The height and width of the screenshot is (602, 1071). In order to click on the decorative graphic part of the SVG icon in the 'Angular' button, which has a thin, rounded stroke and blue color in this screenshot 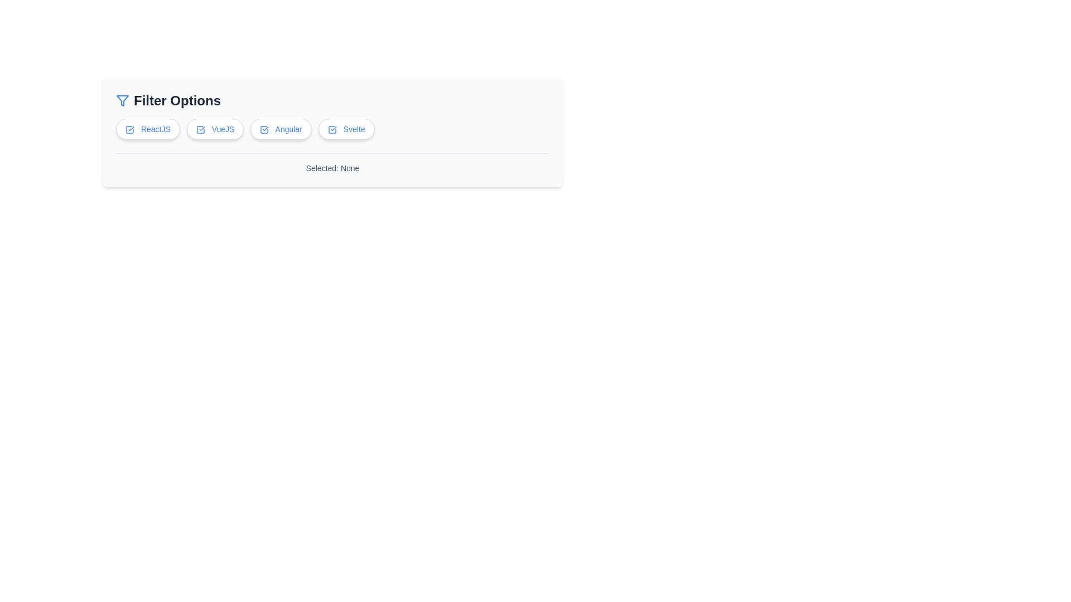, I will do `click(264, 129)`.